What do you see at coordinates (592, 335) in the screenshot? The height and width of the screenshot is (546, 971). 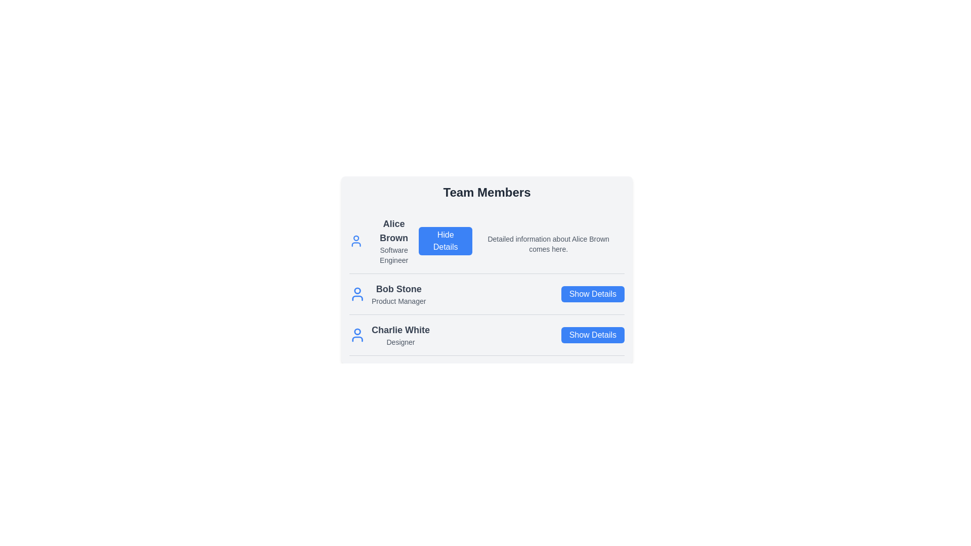 I see `the button corresponding to Charlie White to toggle the visibility of their details` at bounding box center [592, 335].